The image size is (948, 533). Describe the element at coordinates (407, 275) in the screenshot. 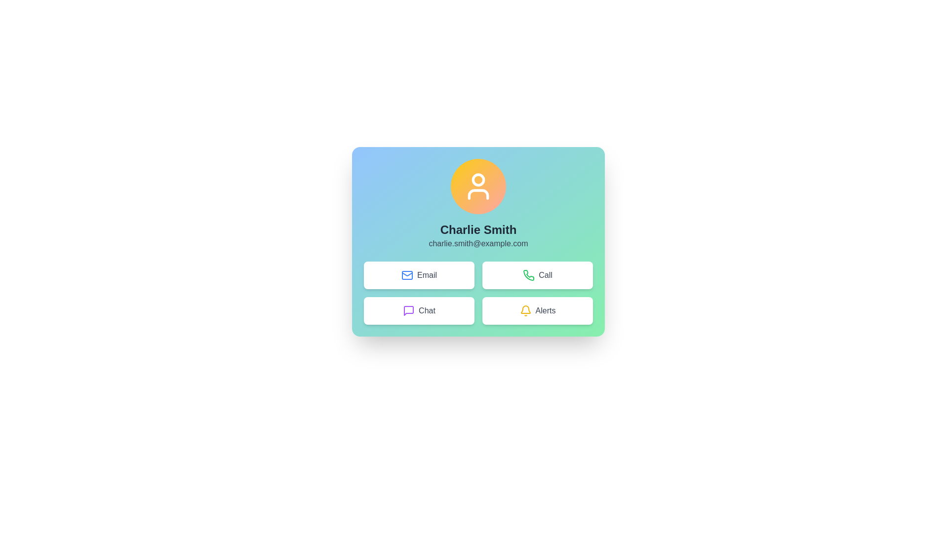

I see `the decorative icon element within the 'Email' button, which is a rectangular shape with rounded corners and part of an envelope icon` at that location.